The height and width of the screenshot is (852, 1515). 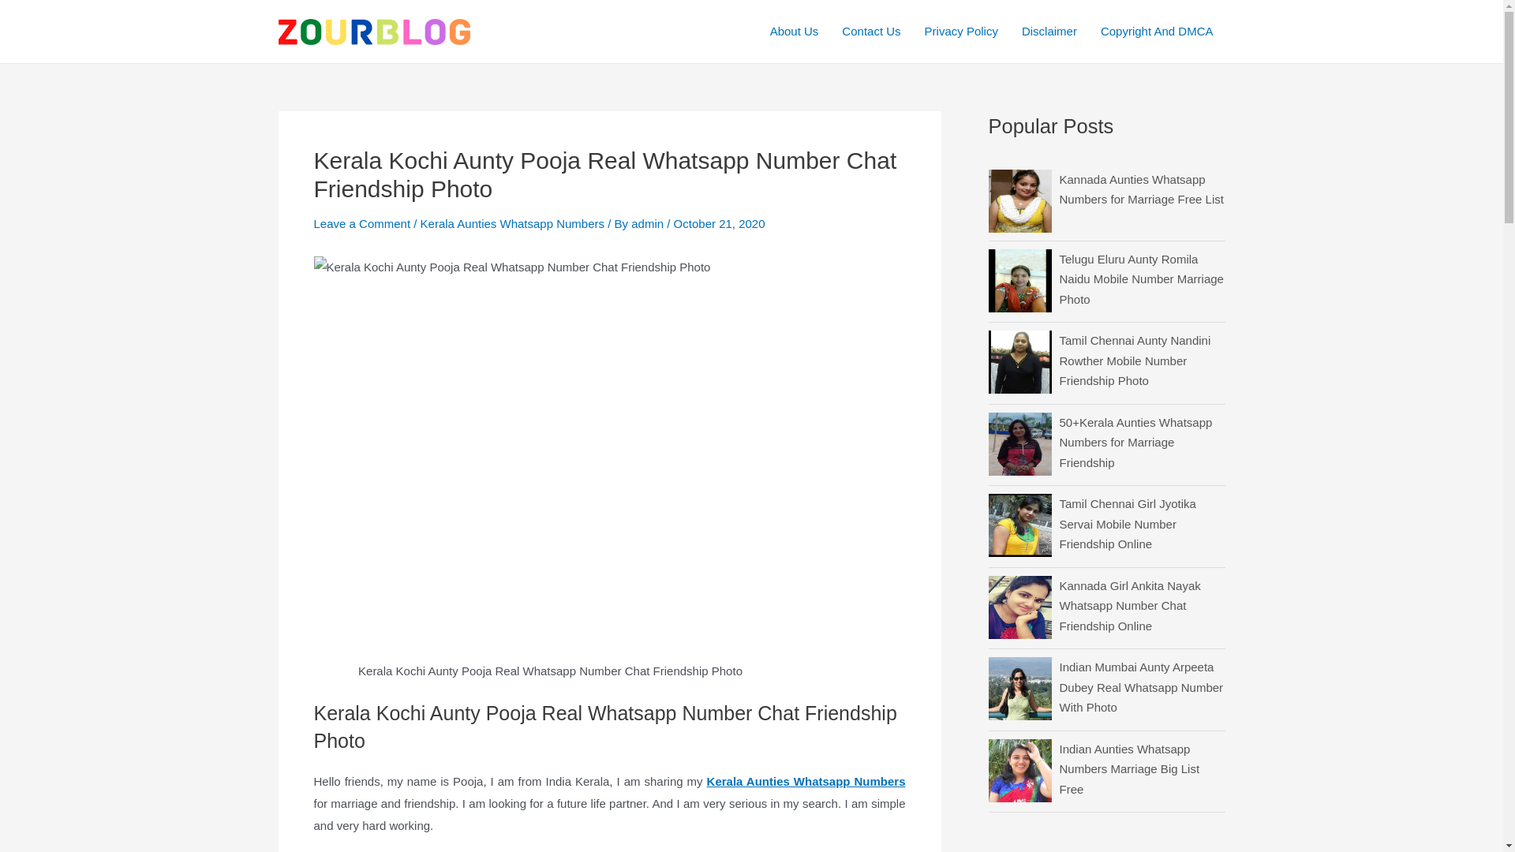 What do you see at coordinates (870, 31) in the screenshot?
I see `'Contact Us'` at bounding box center [870, 31].